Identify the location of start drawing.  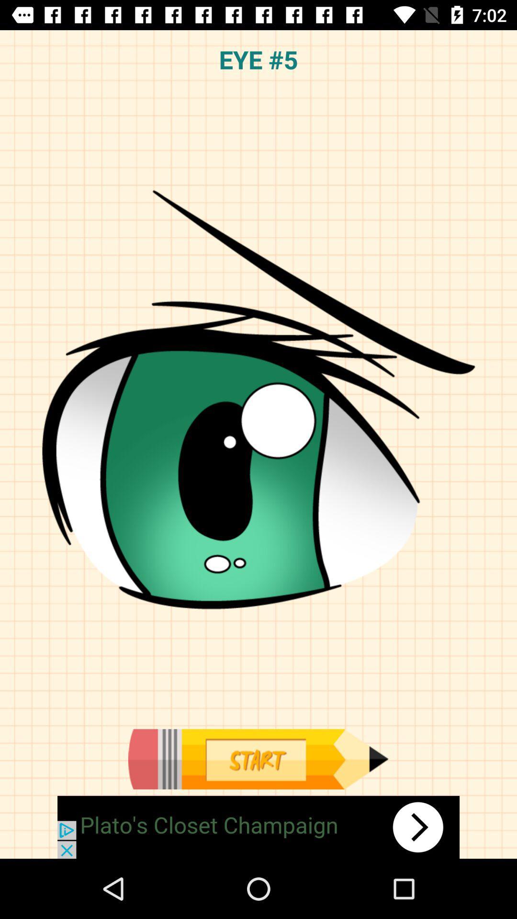
(258, 759).